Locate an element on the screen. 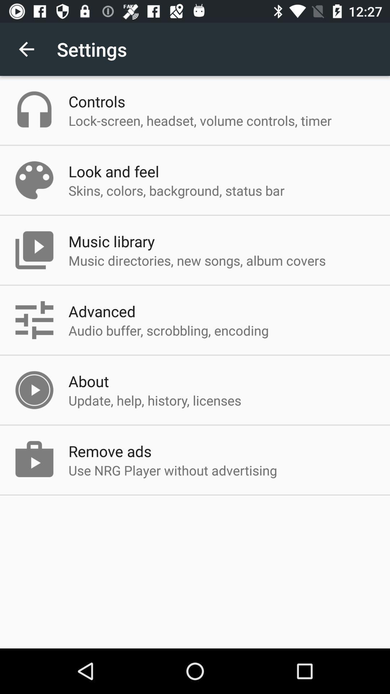 This screenshot has height=694, width=390. item above the audio buffer scrobbling is located at coordinates (102, 311).